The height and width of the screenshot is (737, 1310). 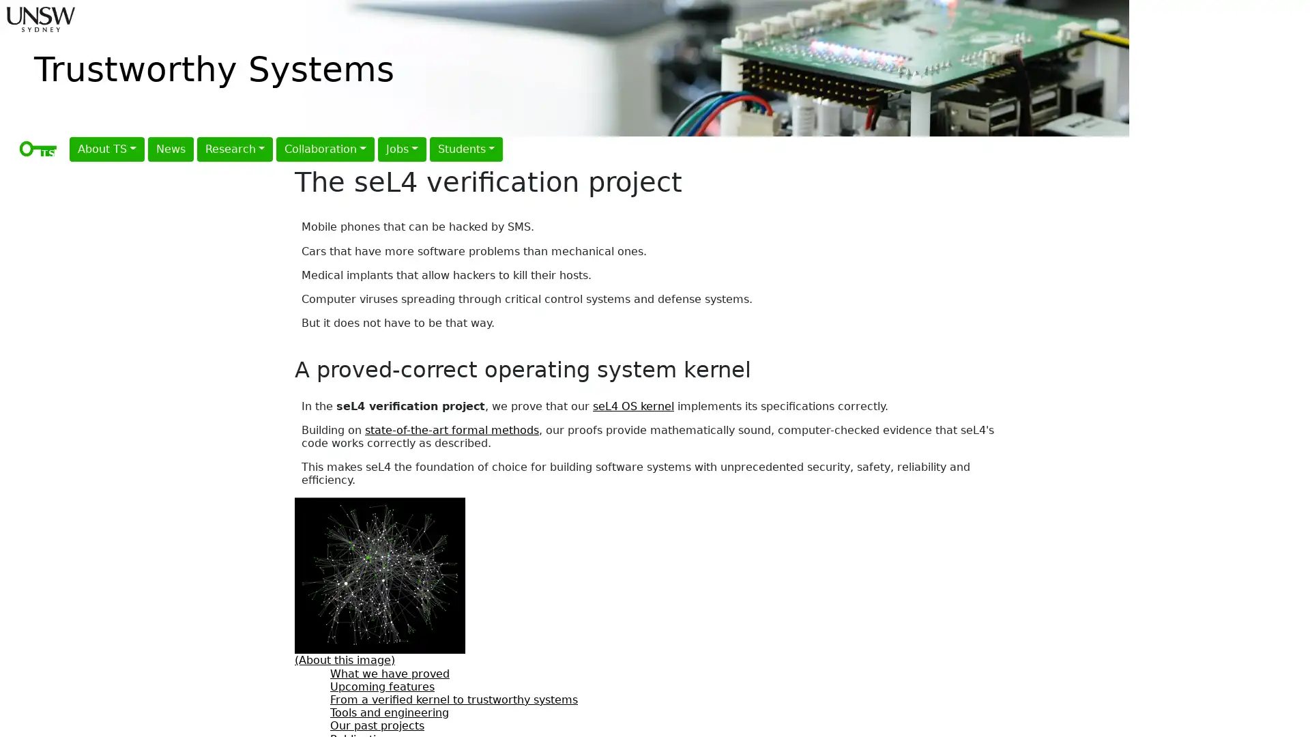 What do you see at coordinates (235, 149) in the screenshot?
I see `Research` at bounding box center [235, 149].